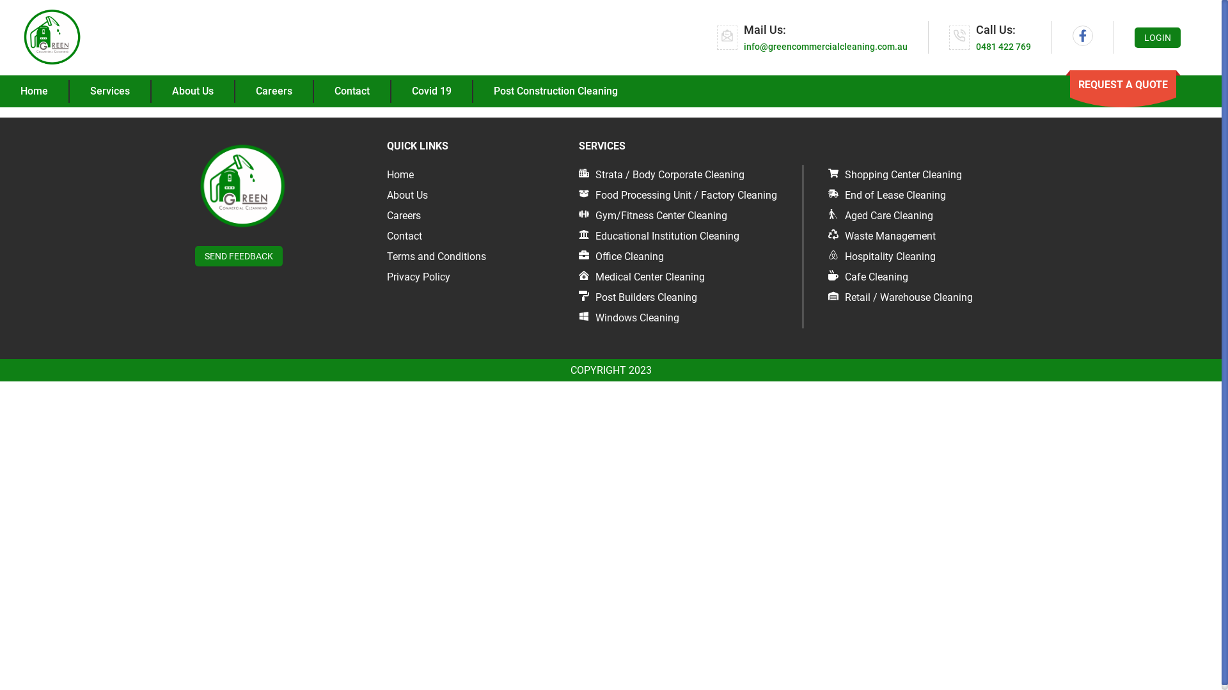  Describe the element at coordinates (239, 256) in the screenshot. I see `'SEND FEEDBACK'` at that location.